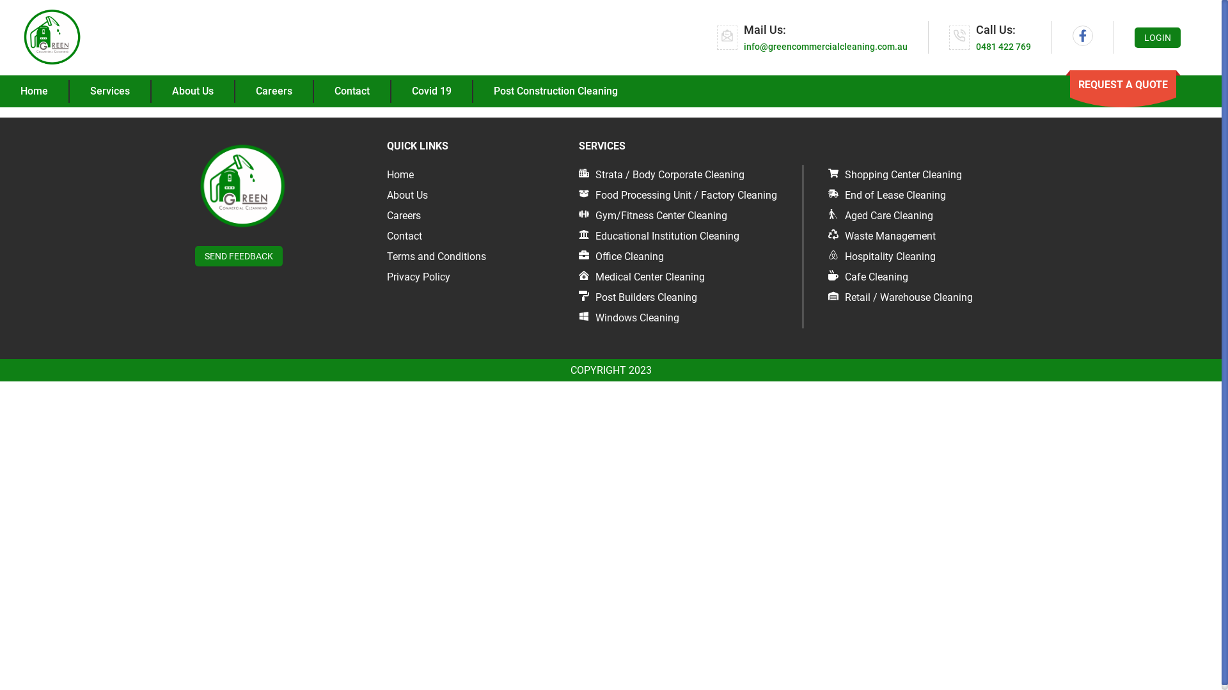  Describe the element at coordinates (239, 256) in the screenshot. I see `'SEND FEEDBACK'` at that location.